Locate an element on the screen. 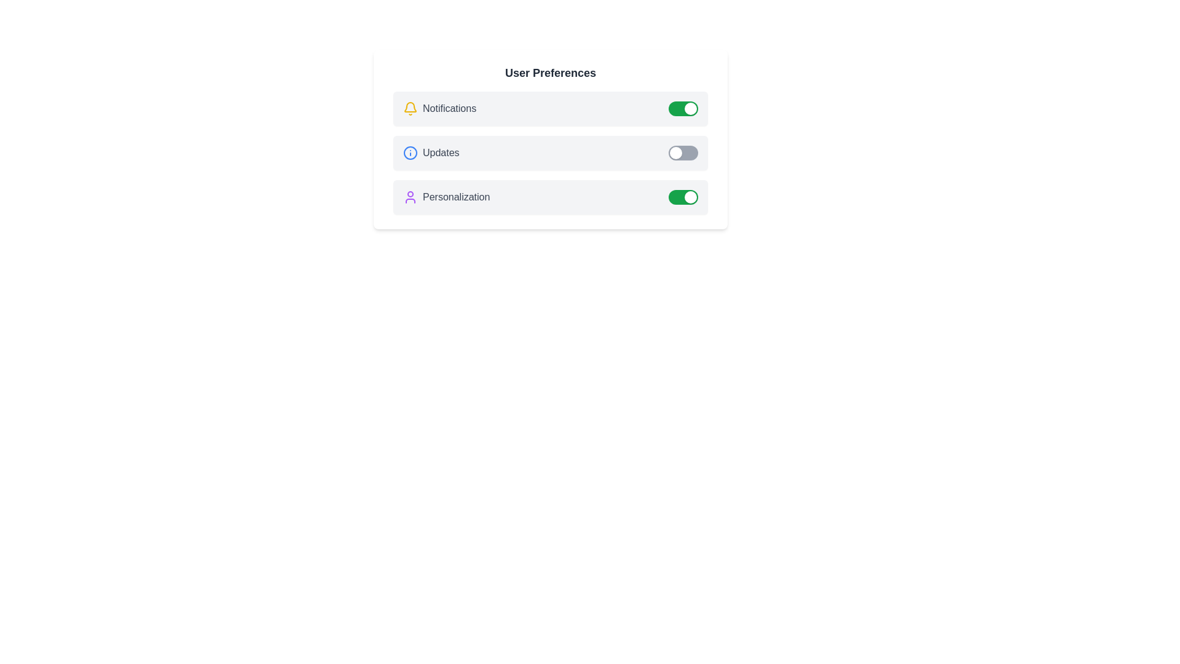  the background container area to interact with it is located at coordinates (550, 234).